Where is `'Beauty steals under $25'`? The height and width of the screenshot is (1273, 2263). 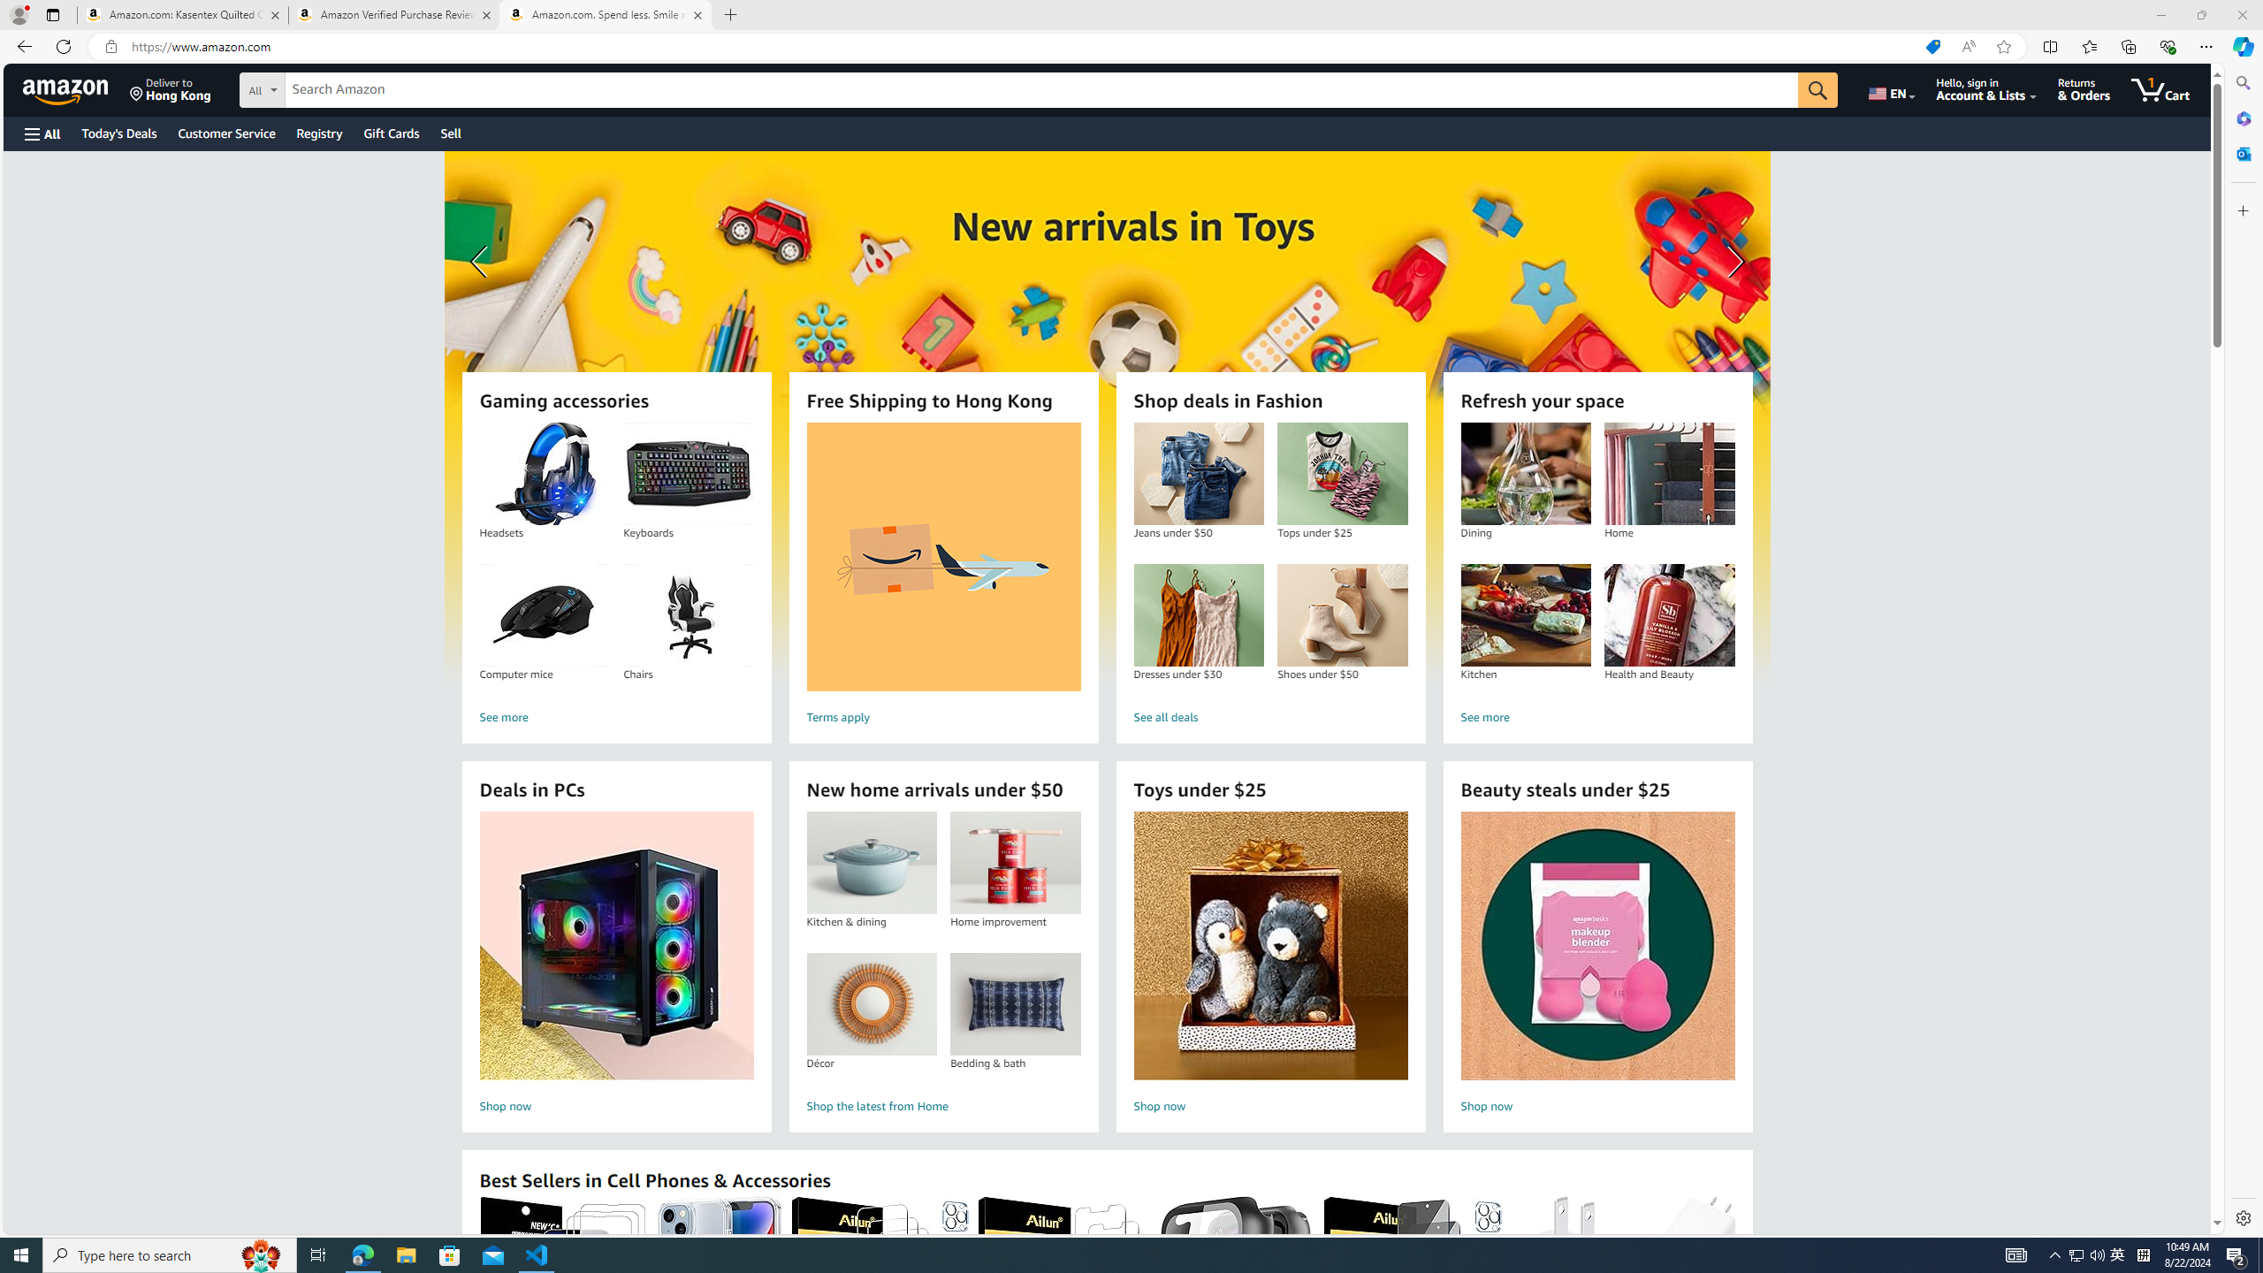 'Beauty steals under $25' is located at coordinates (1596, 945).